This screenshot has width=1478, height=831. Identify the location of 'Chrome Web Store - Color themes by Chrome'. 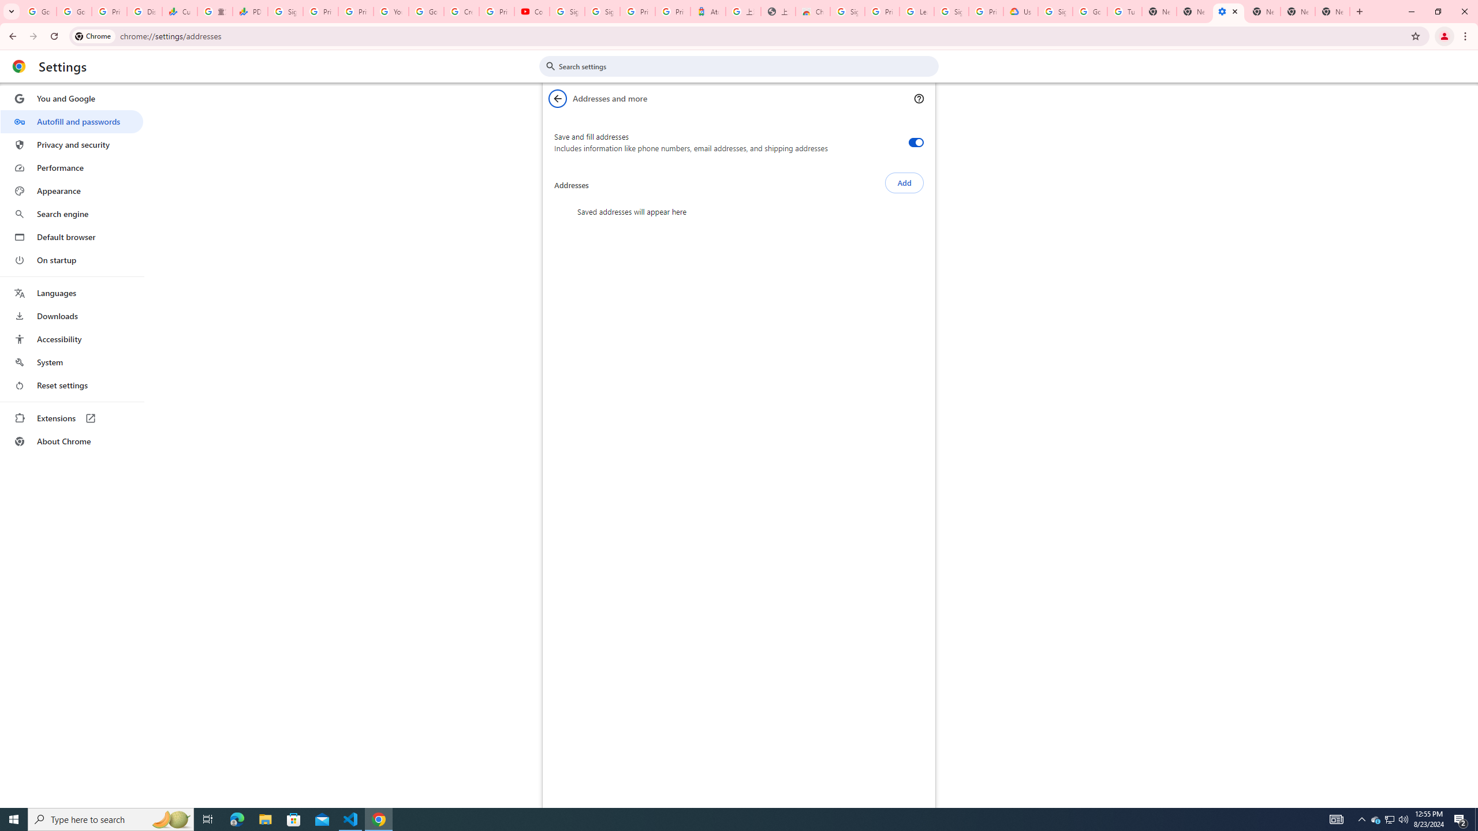
(812, 11).